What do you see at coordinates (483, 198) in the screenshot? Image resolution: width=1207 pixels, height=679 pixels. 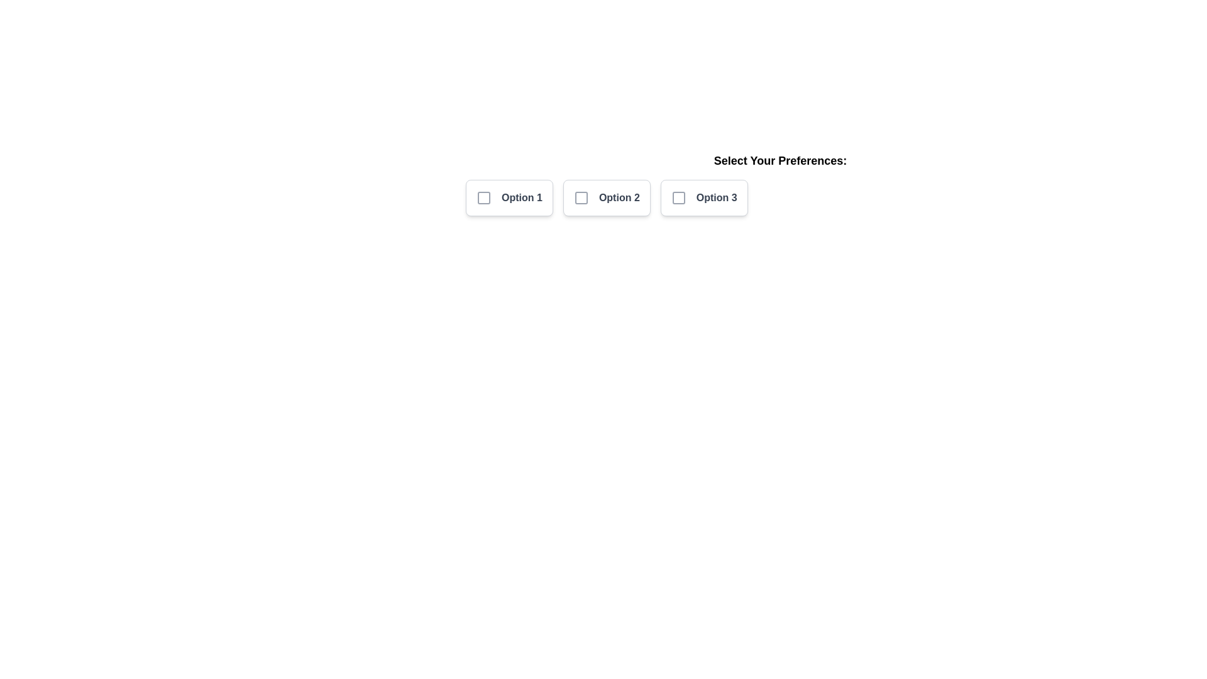 I see `the decorative icon inside the first checkbox labeled 'Option 1' in the selection interface` at bounding box center [483, 198].